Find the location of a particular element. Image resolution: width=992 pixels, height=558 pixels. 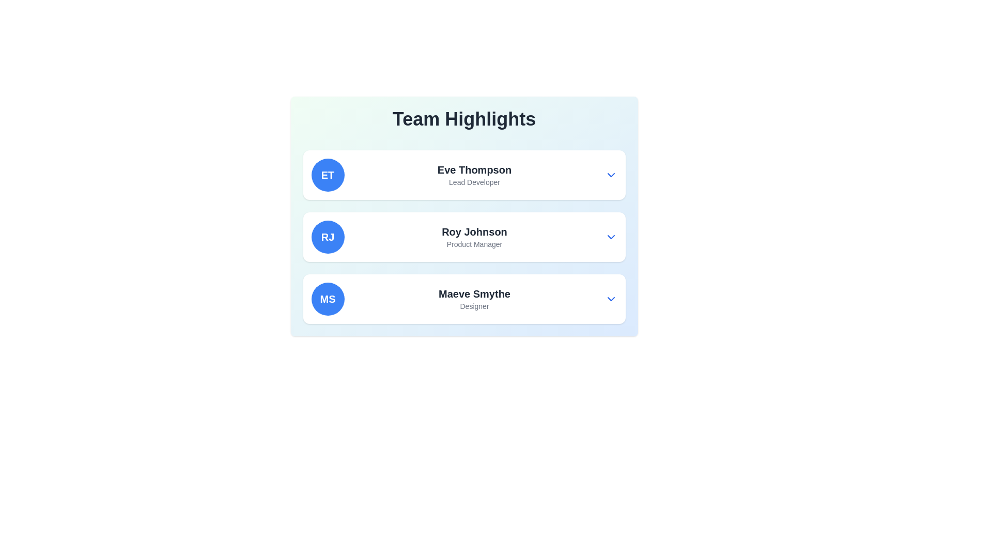

the text label displaying 'Product Manager' located below 'Roy Johnson' in the 'Team Highlights' section of the second card is located at coordinates (474, 244).